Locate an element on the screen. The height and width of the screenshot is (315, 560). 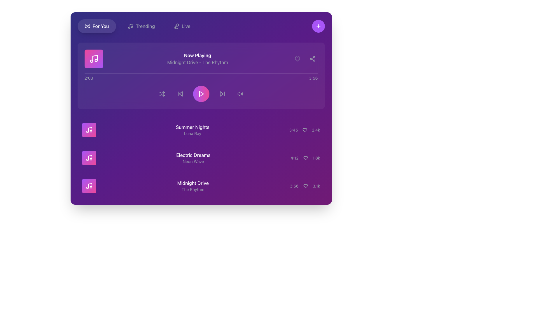
the Display Panel that shows the currently playing track, located above the playback controls and below the header menu is located at coordinates (201, 59).